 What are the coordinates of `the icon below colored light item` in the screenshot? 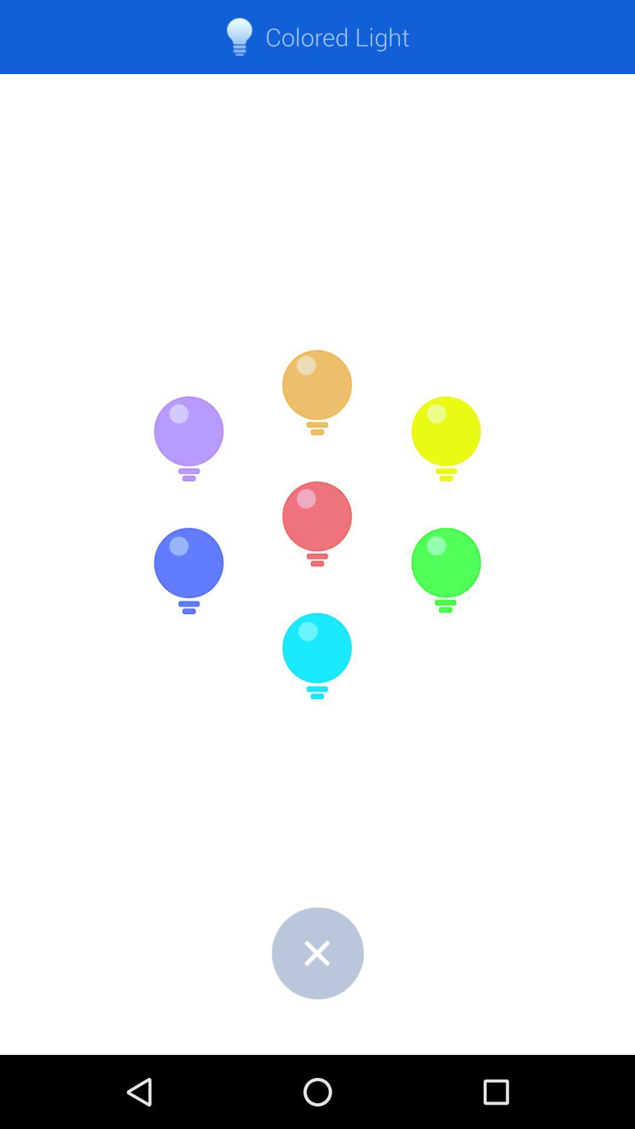 It's located at (317, 393).